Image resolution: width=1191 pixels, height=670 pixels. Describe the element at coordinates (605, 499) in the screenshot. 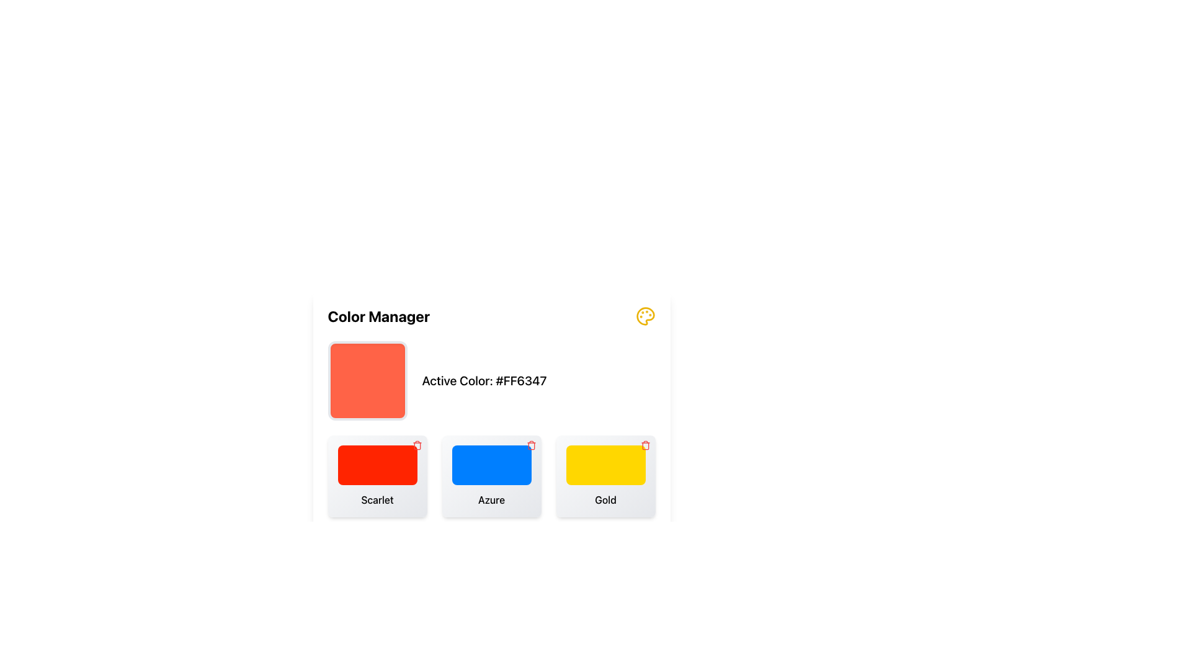

I see `the label that displays the word 'Gold' which is centered below a rectangular yellow color swatch in the bottom right of the interface` at that location.